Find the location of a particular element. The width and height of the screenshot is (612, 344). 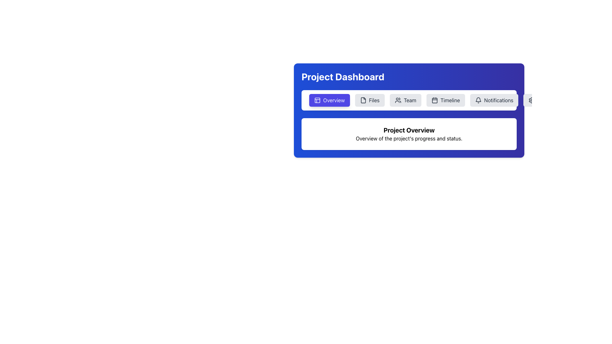

the small rectangular icon with rounded corners located inside the 'Overview' button in the tab menu is located at coordinates (317, 100).